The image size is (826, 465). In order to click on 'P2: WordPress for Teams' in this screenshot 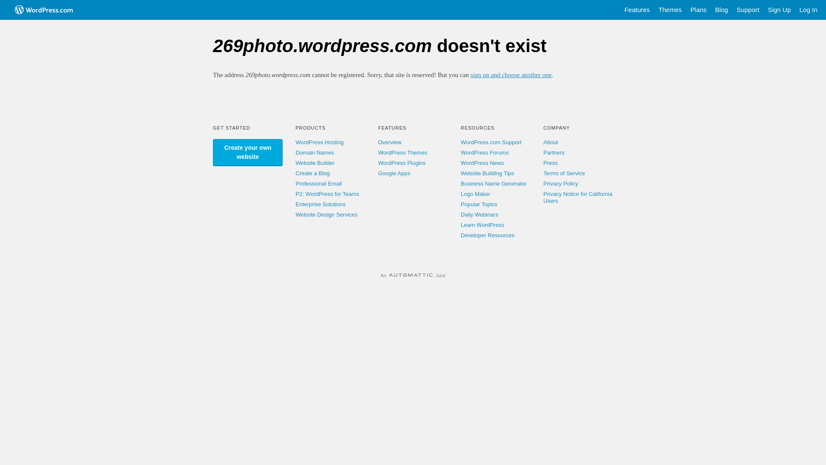, I will do `click(327, 194)`.